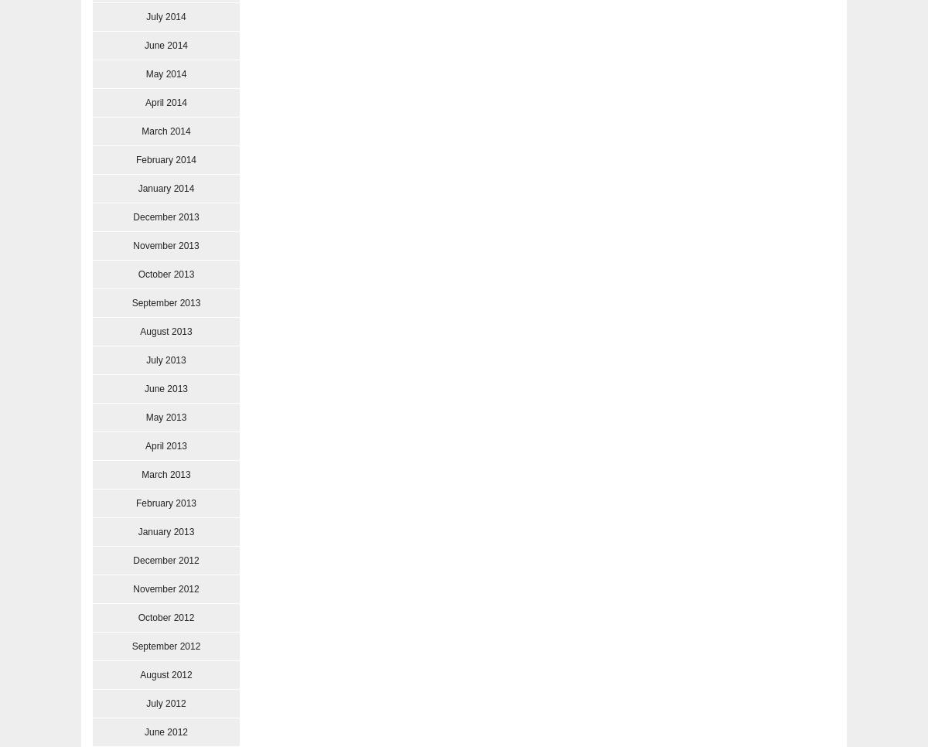 The image size is (928, 747). What do you see at coordinates (143, 445) in the screenshot?
I see `'April 2013'` at bounding box center [143, 445].